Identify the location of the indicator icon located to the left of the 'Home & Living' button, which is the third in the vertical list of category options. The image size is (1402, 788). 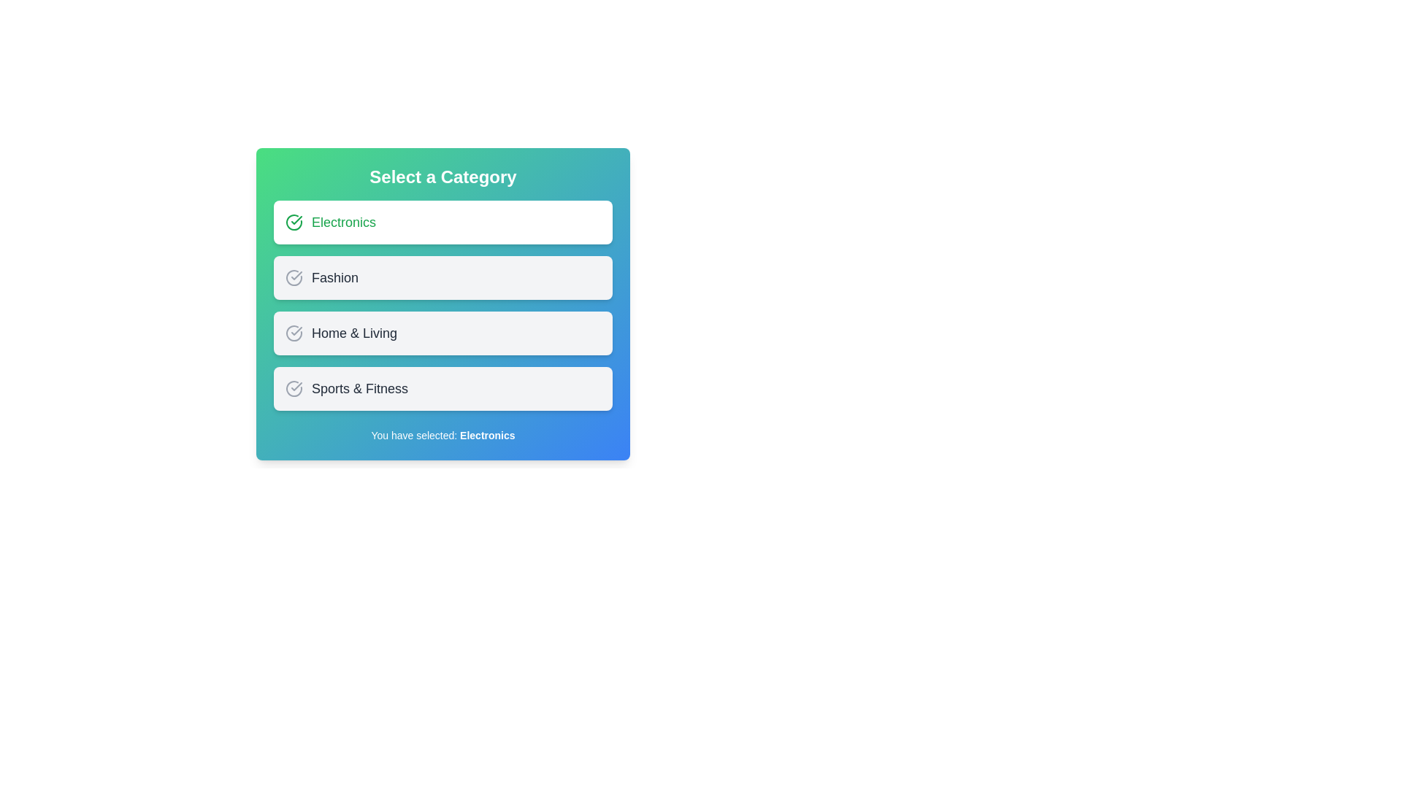
(294, 333).